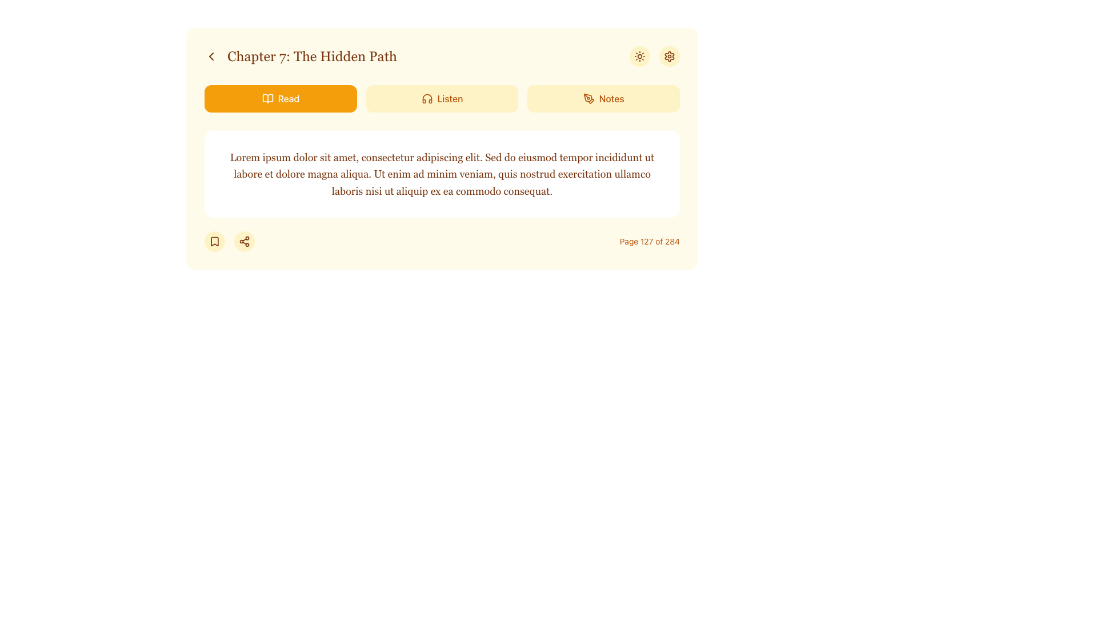 Image resolution: width=1097 pixels, height=617 pixels. What do you see at coordinates (214, 240) in the screenshot?
I see `the circular button with a bookmark icon` at bounding box center [214, 240].